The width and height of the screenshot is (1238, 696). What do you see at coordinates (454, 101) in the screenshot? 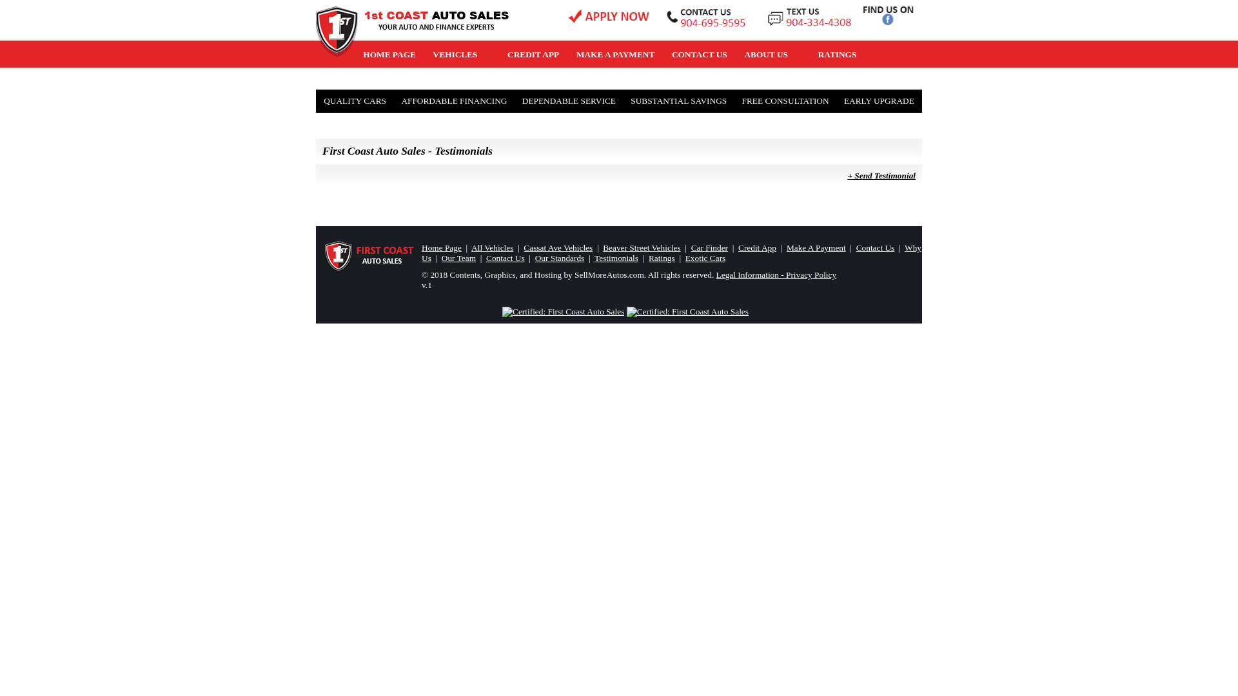
I see `'AFFORDABLE FINANCING'` at bounding box center [454, 101].